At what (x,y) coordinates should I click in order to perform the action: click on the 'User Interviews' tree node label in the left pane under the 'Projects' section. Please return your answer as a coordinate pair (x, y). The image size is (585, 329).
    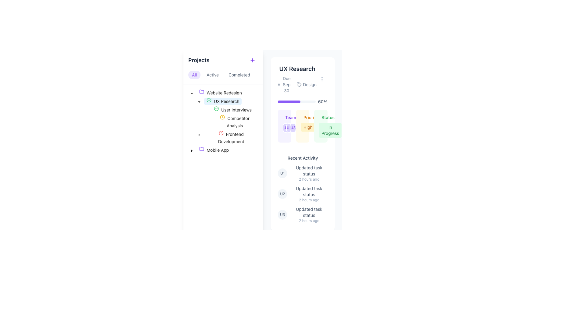
    Looking at the image, I should click on (232, 110).